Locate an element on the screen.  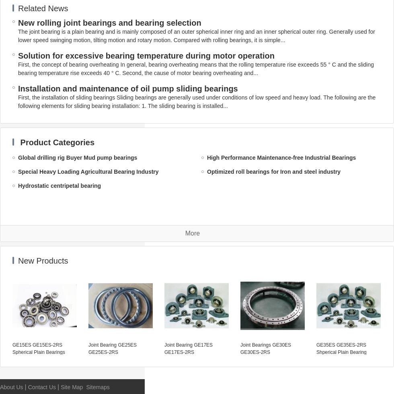
'Product Categories' is located at coordinates (57, 142).